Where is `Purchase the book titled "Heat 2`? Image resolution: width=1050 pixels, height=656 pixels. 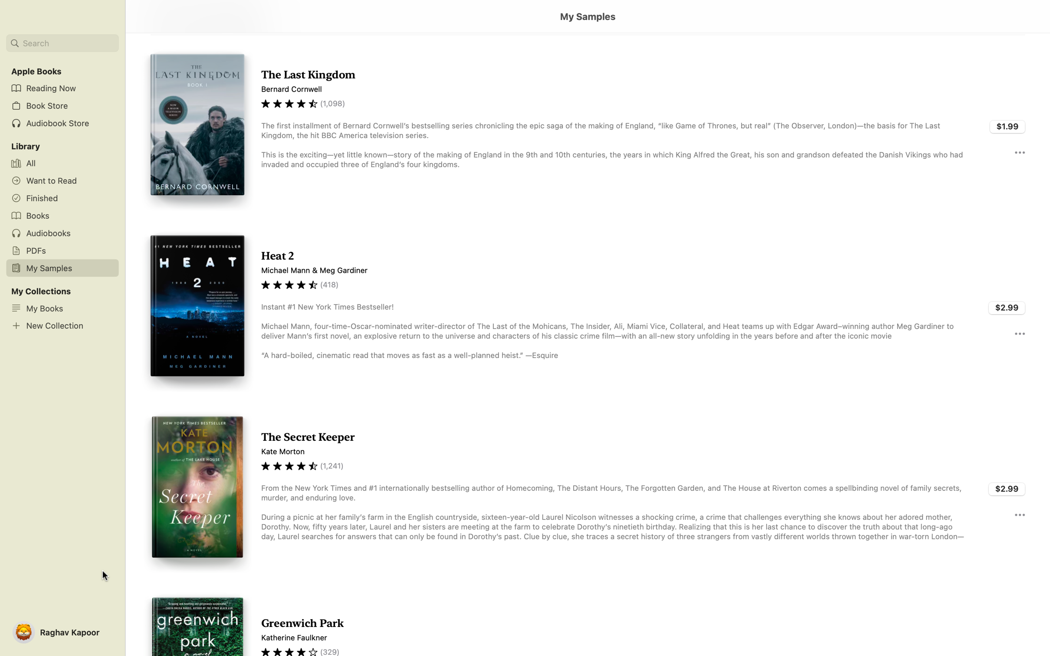 Purchase the book titled "Heat 2 is located at coordinates (1007, 307).